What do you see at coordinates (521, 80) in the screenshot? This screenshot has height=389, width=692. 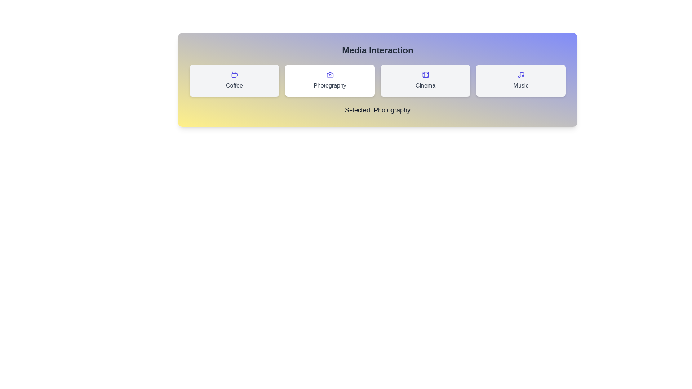 I see `the button labeled 'Music' located on the far right of the row of four buttons` at bounding box center [521, 80].